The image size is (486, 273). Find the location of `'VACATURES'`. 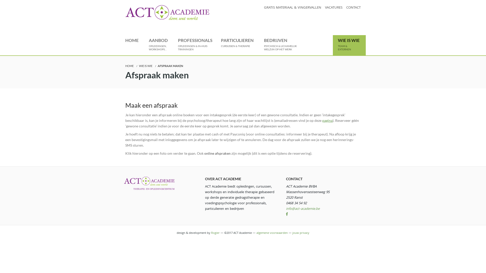

'VACATURES' is located at coordinates (334, 8).